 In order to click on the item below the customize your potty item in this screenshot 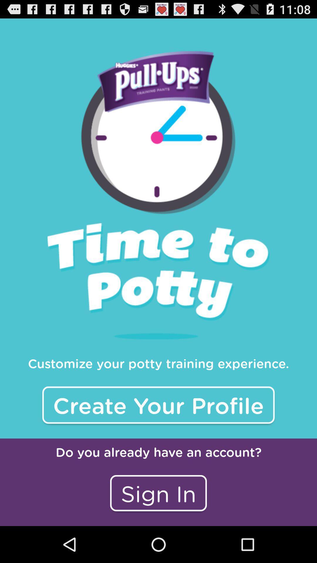, I will do `click(158, 405)`.